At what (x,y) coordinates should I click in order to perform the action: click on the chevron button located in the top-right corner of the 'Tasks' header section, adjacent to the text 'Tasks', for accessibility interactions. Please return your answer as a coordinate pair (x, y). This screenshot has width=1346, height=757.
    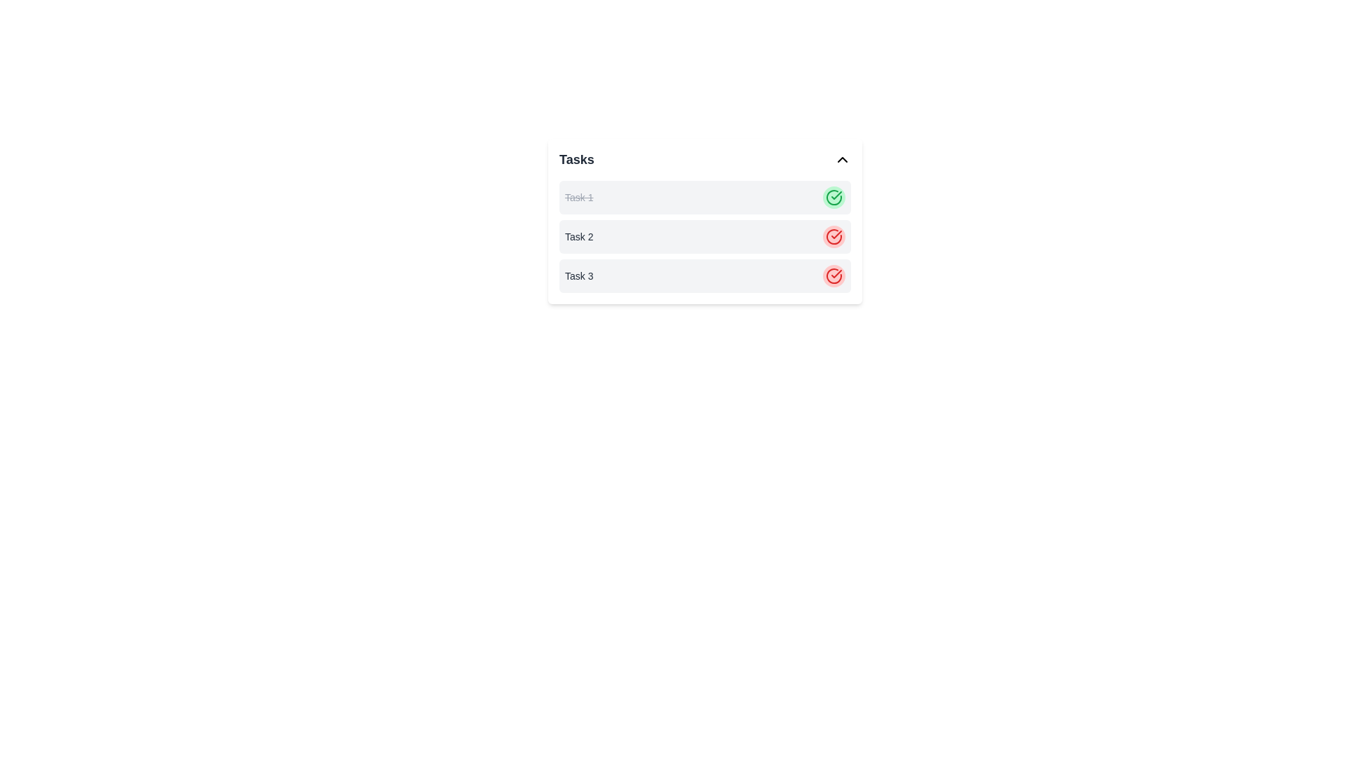
    Looking at the image, I should click on (841, 158).